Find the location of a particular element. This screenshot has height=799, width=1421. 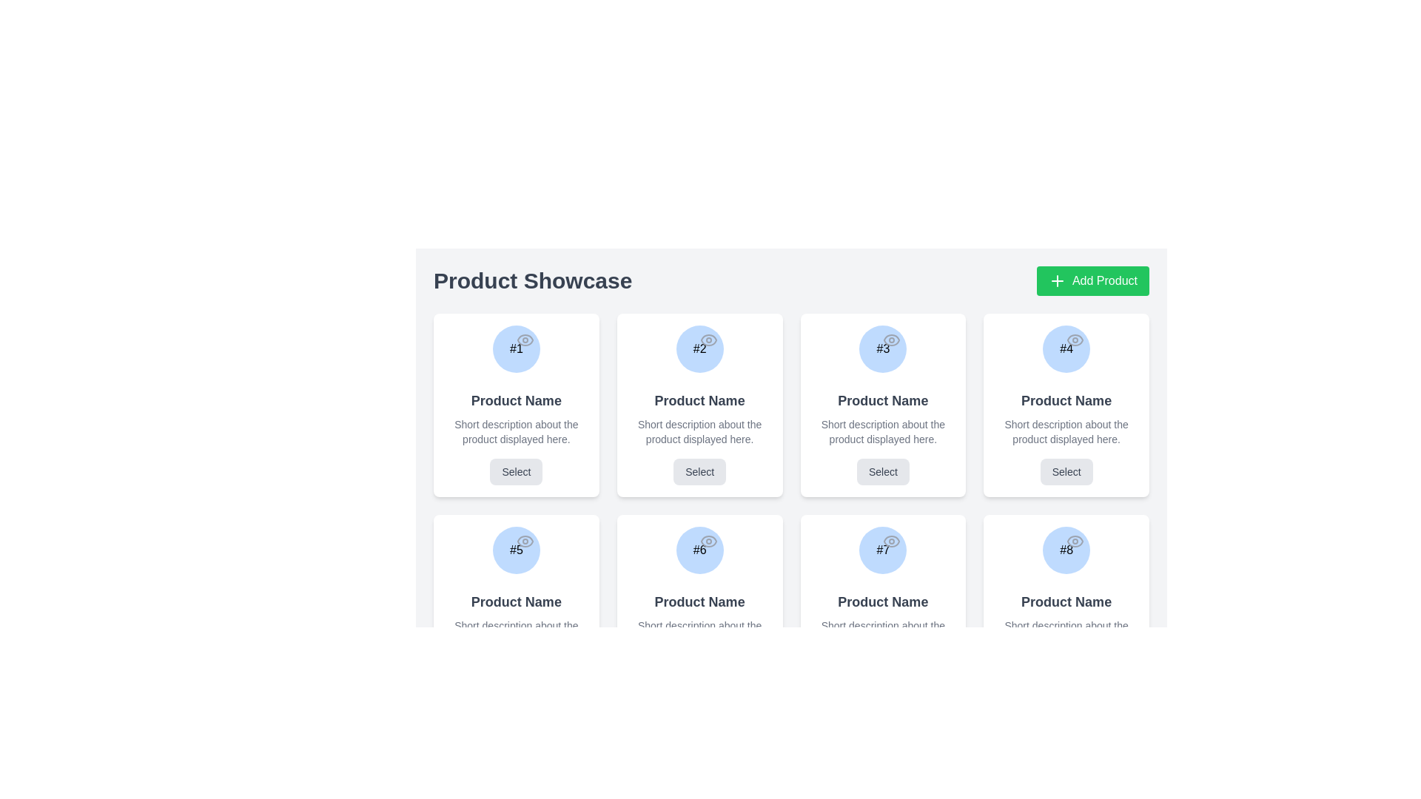

the circular badge with a light blue background and white border, which contains the text '#4' and an eye-shaped icon, located at the top-left corner of the product details card is located at coordinates (1066, 348).